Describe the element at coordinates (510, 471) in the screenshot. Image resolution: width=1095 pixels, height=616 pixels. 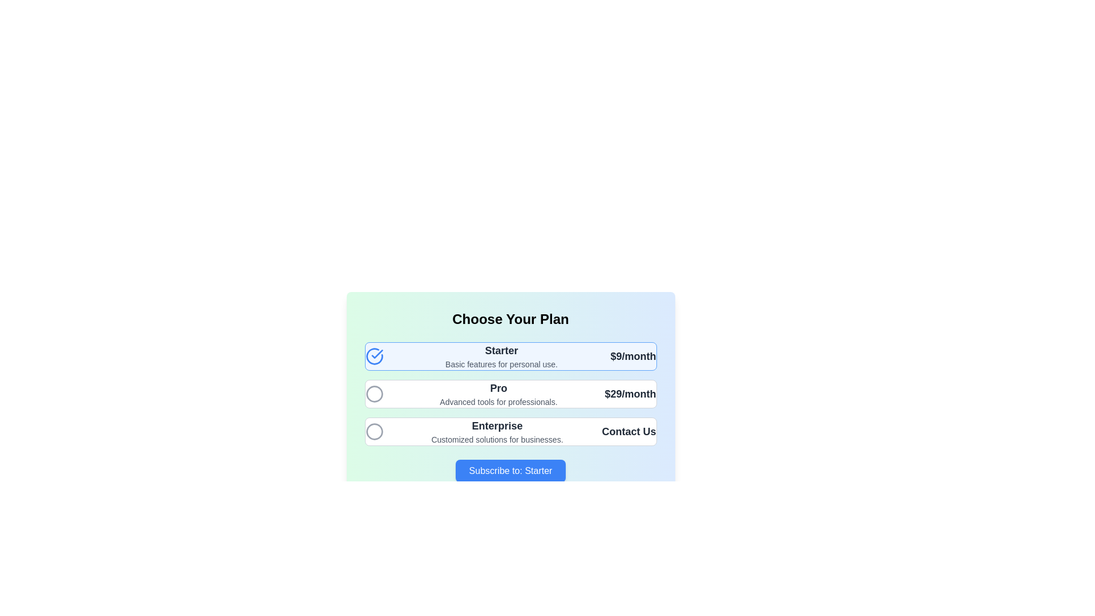
I see `the blue rectangular button with white rounded corners labeled 'Subscribe to: Starter' located at the bottom center of the pricing card` at that location.